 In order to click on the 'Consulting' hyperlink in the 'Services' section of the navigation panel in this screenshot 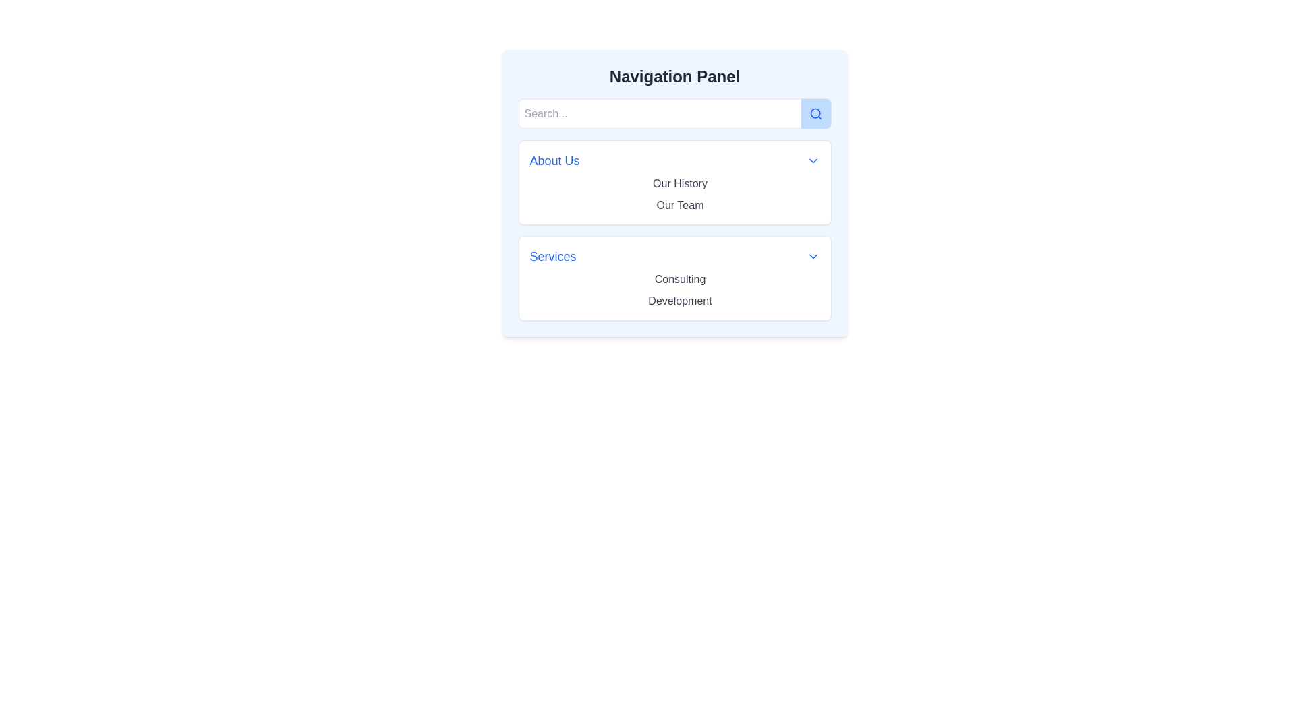, I will do `click(680, 279)`.